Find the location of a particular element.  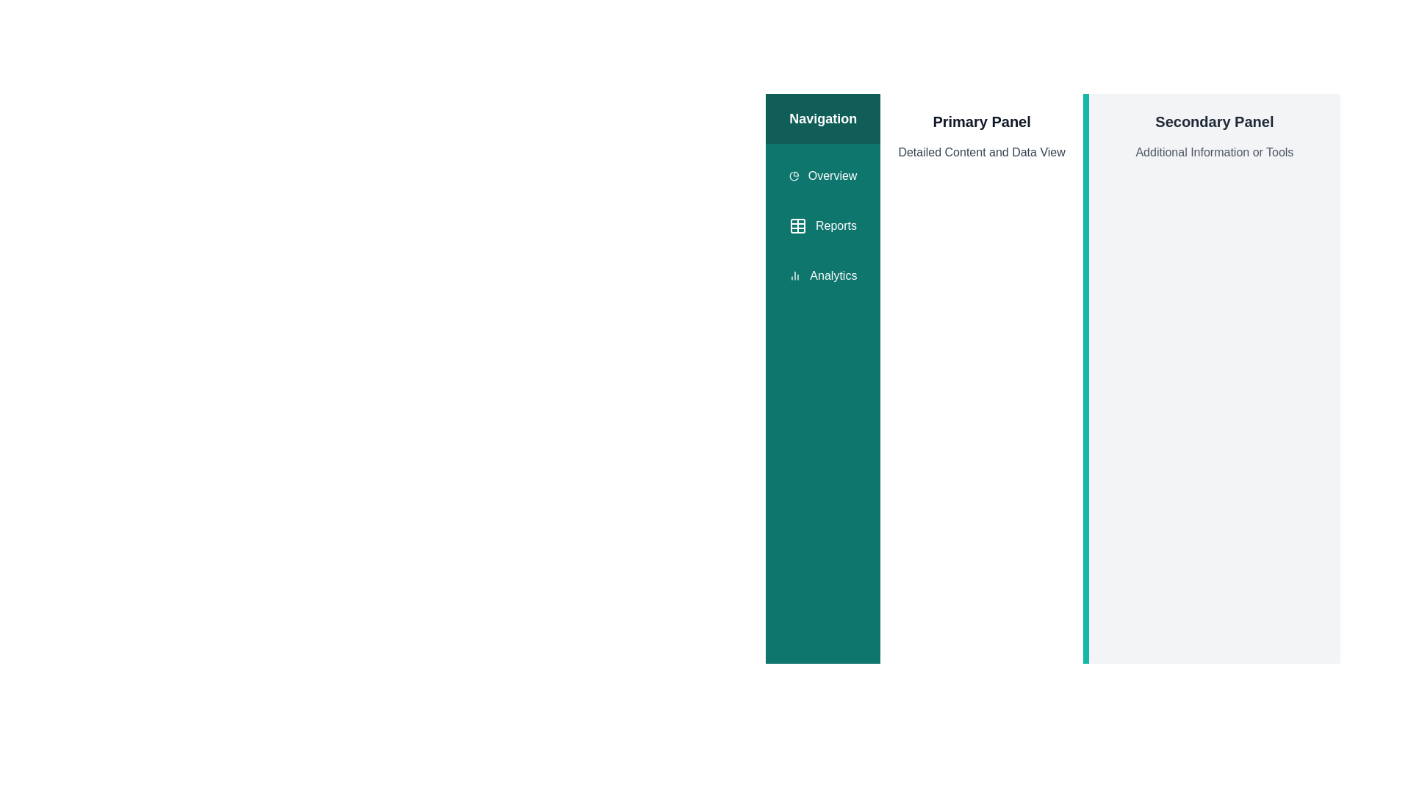

the 'Overview' button with teal background and pie chart icon in the left-hand sidebar is located at coordinates (823, 175).